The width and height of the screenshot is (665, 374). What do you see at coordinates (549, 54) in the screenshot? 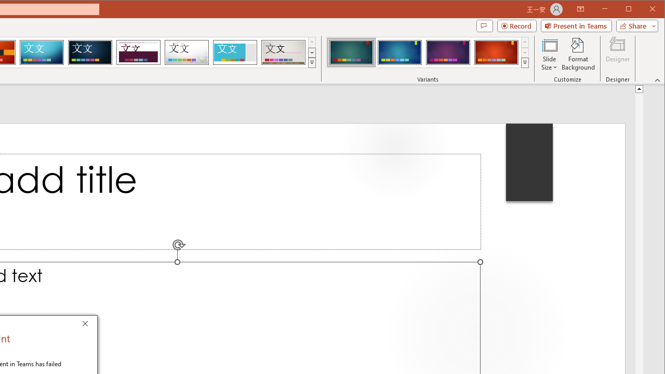
I see `'Slide Size'` at bounding box center [549, 54].